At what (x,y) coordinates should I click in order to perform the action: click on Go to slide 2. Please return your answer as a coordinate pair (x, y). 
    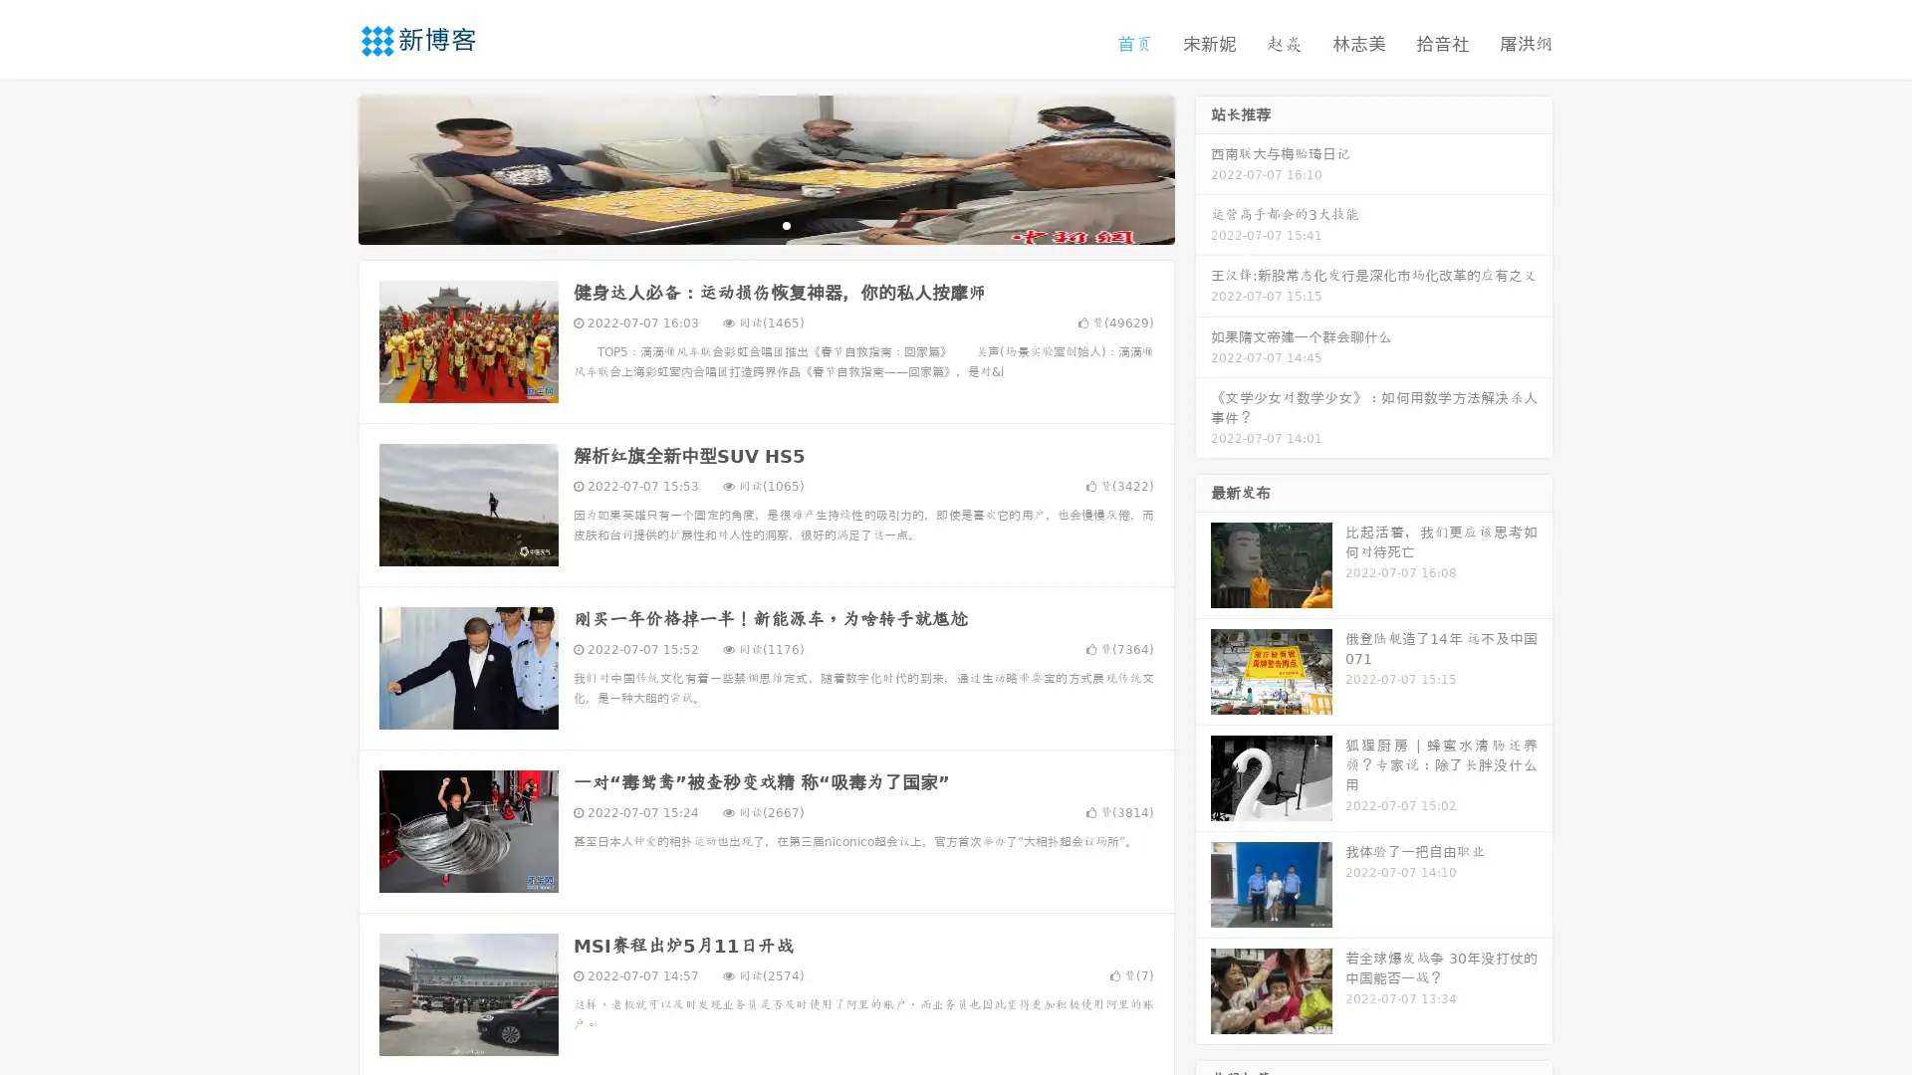
    Looking at the image, I should click on (765, 224).